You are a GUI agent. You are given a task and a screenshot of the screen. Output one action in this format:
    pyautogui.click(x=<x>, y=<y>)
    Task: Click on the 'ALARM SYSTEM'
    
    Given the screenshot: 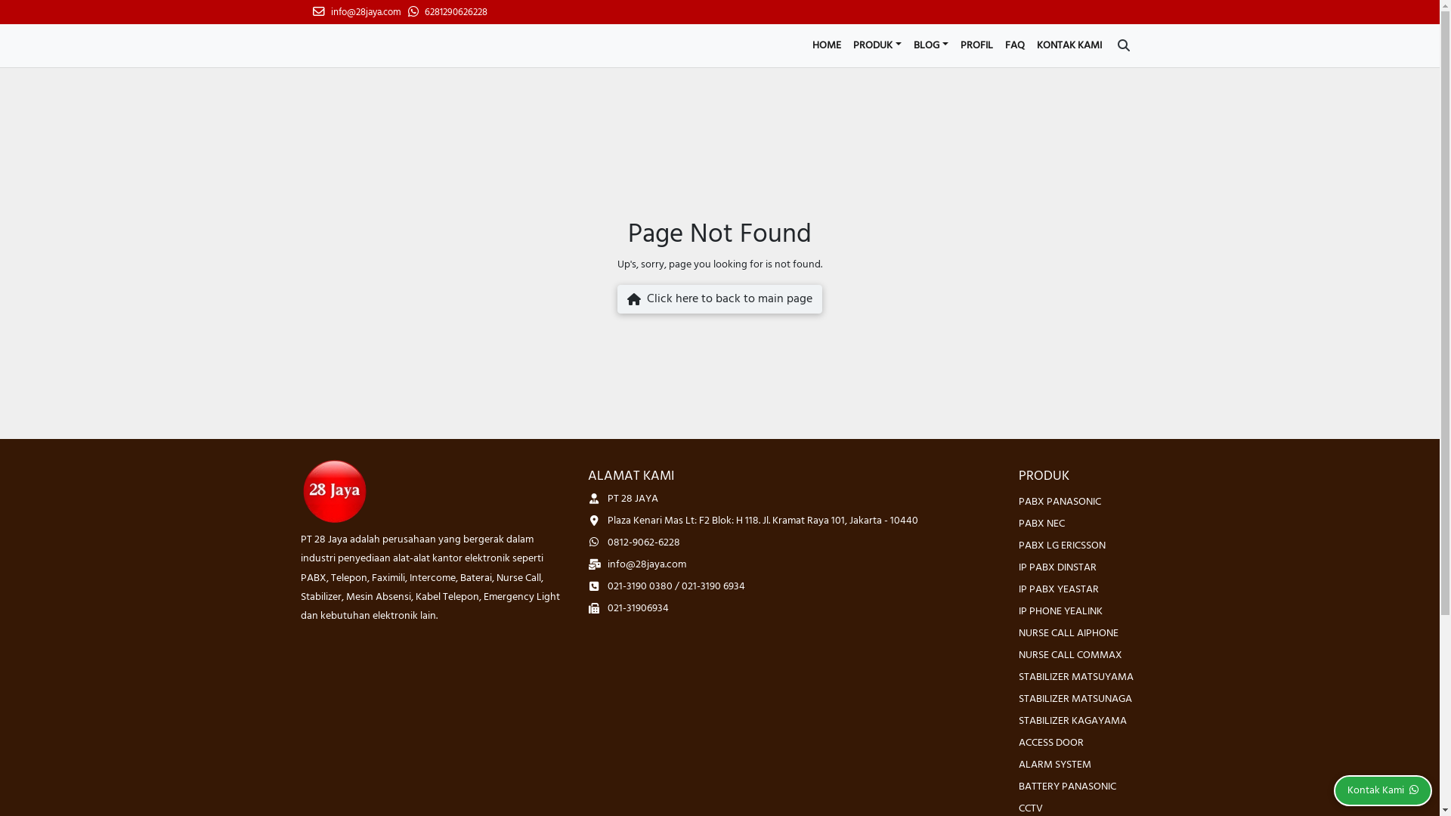 What is the action you would take?
    pyautogui.click(x=1019, y=765)
    